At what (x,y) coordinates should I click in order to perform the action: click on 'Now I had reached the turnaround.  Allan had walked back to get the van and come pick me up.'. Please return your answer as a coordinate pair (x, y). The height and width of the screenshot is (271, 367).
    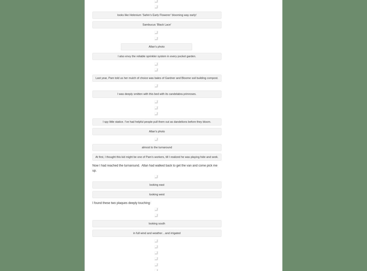
    Looking at the image, I should click on (154, 167).